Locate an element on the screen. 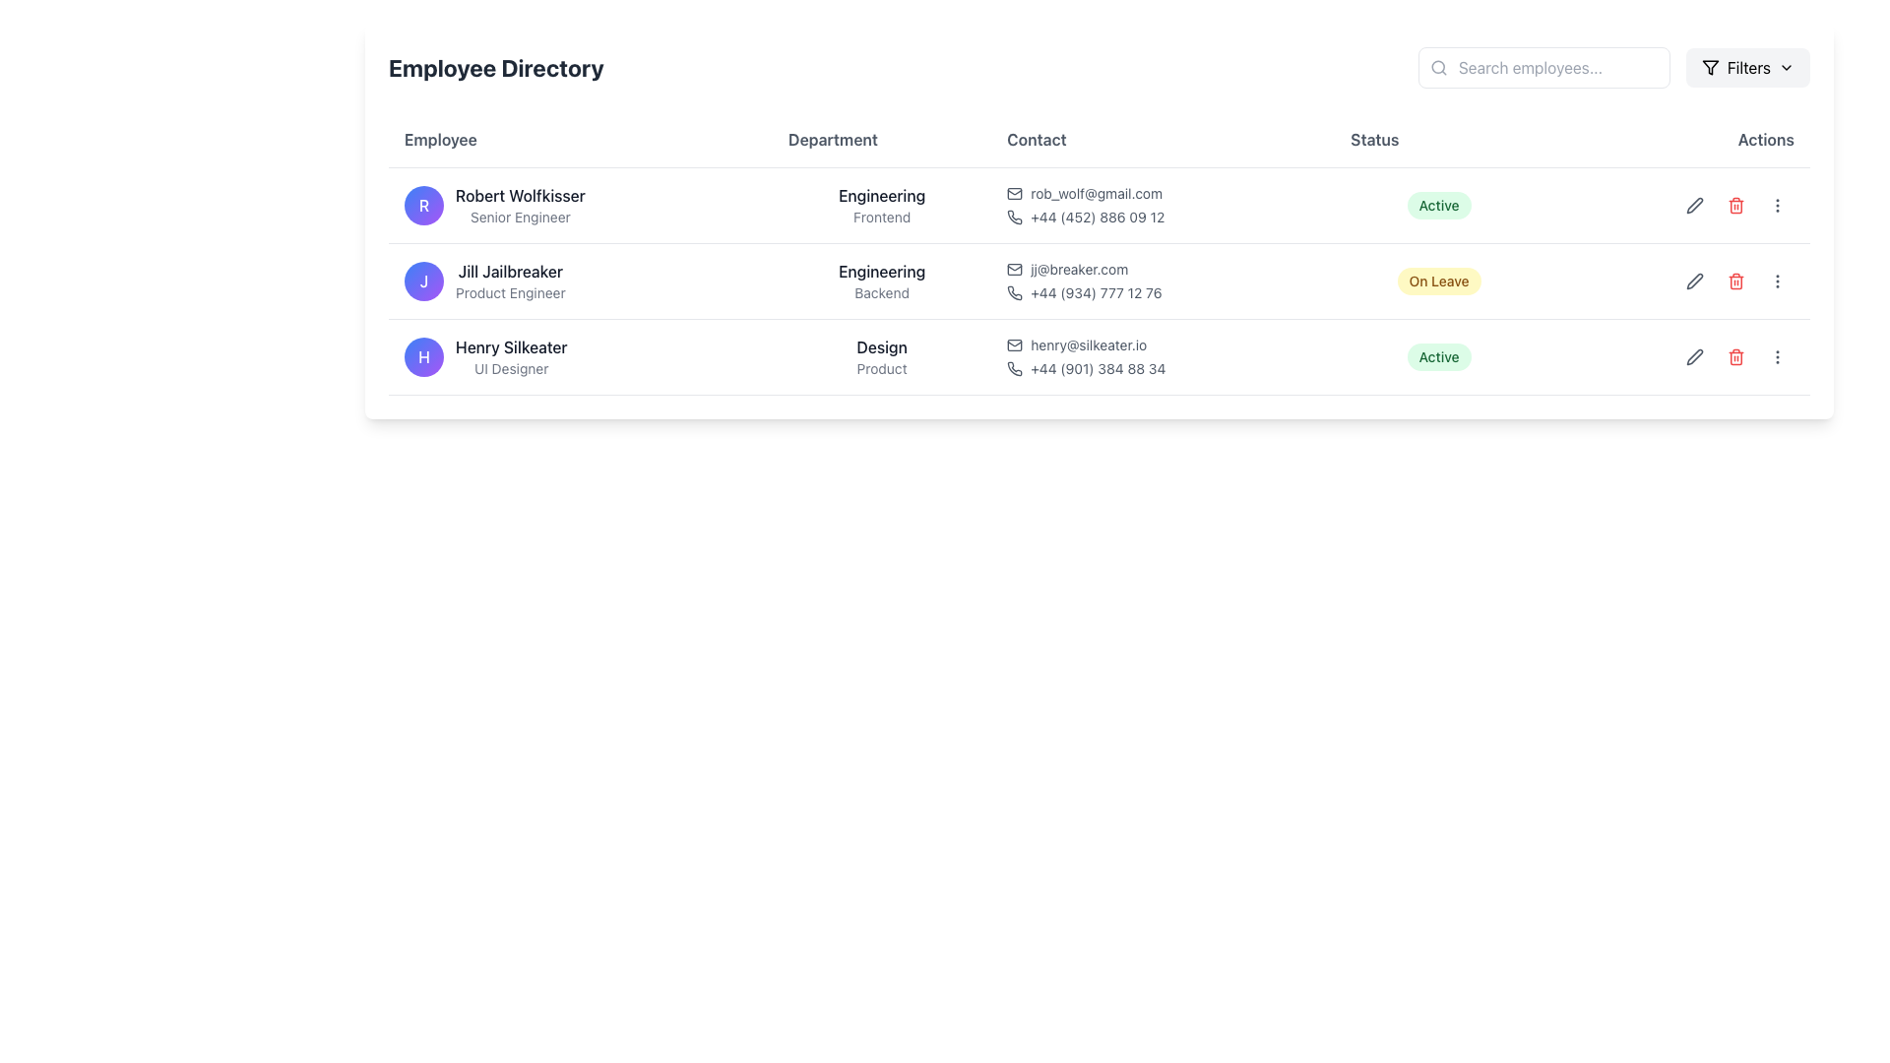 The height and width of the screenshot is (1063, 1890). the 'Employee Directory' text heading, which is a bold and large font element located in the header section above a table, positioned towards the left before the 'Filters' button is located at coordinates (496, 67).